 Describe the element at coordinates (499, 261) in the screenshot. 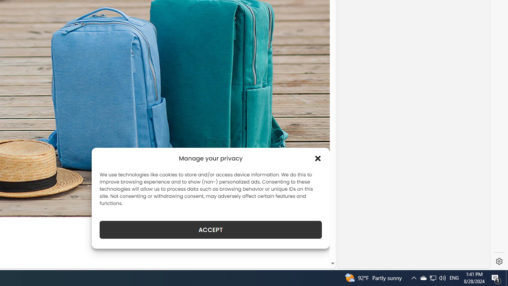

I see `'Settings'` at that location.